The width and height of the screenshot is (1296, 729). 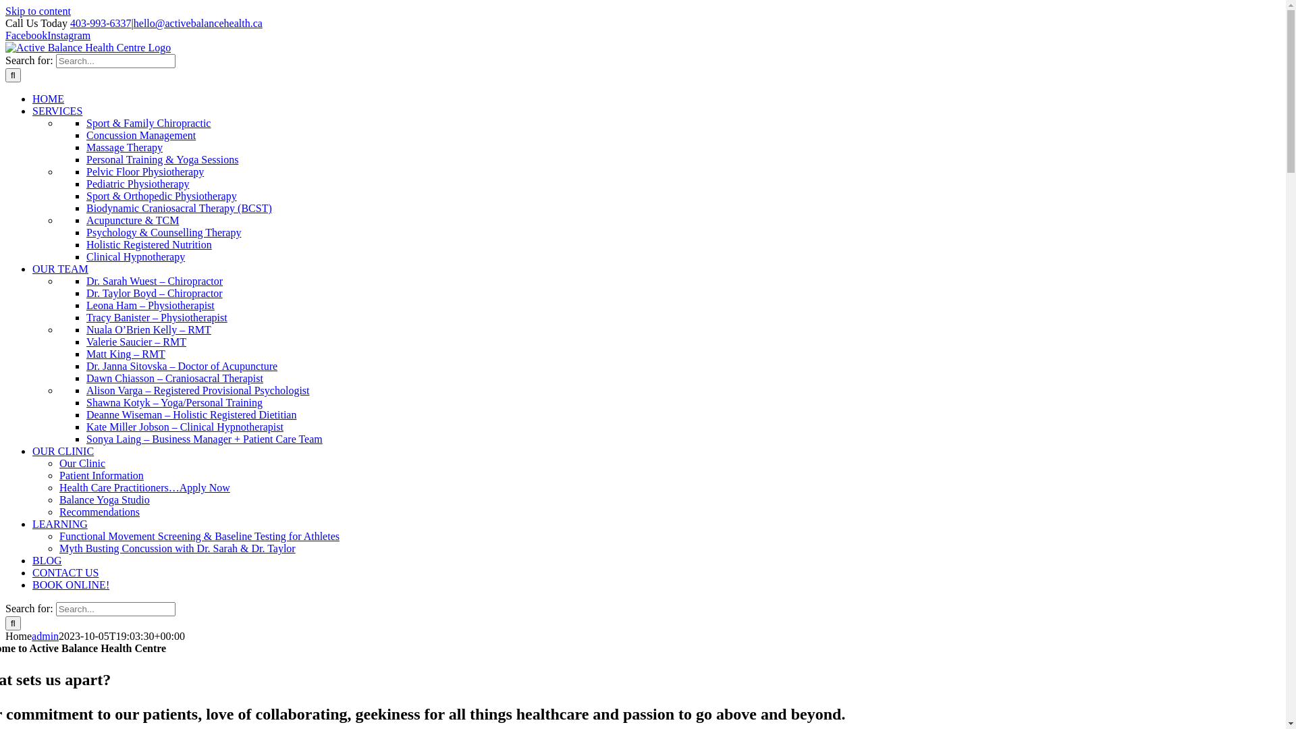 I want to click on '403-993-6337', so click(x=100, y=23).